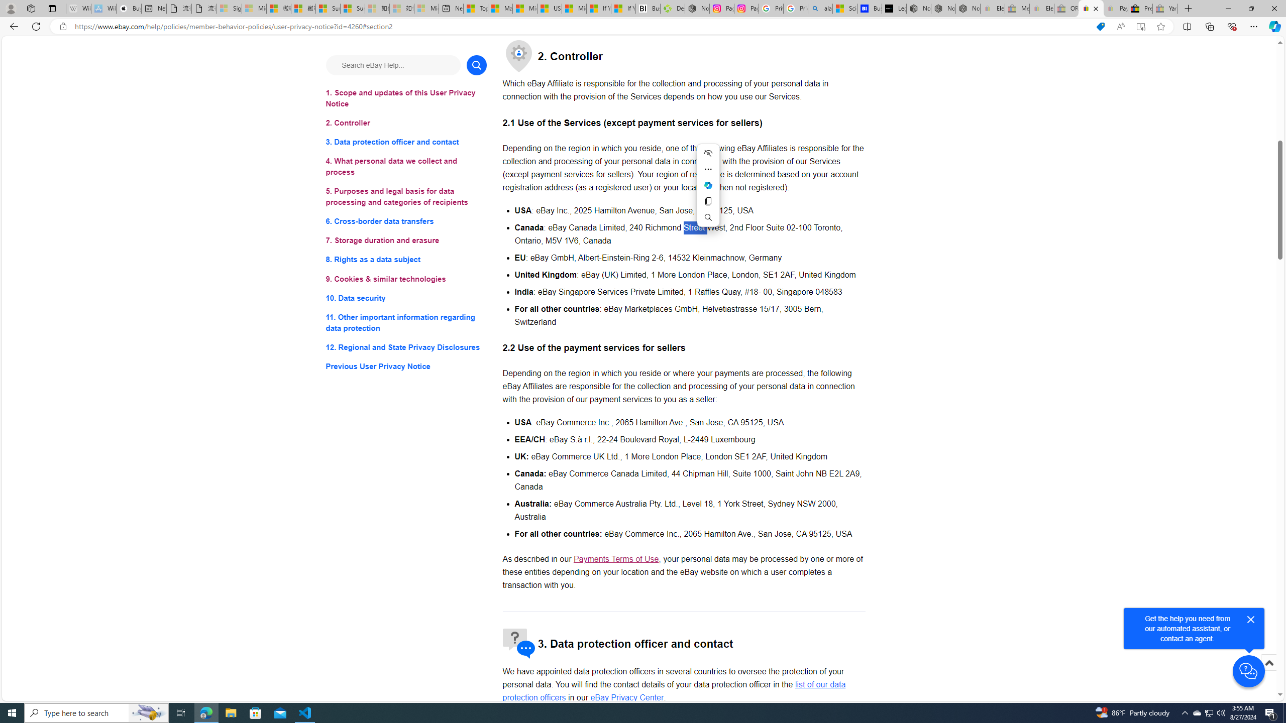 The height and width of the screenshot is (723, 1286). What do you see at coordinates (405, 142) in the screenshot?
I see `'3. Data protection officer and contact'` at bounding box center [405, 142].